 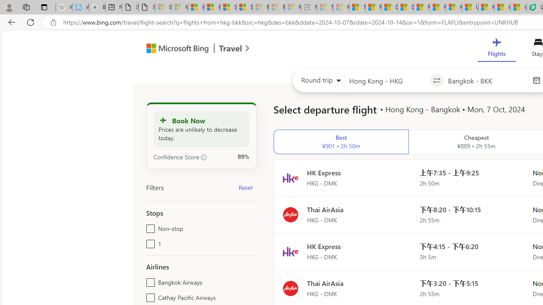 What do you see at coordinates (149, 227) in the screenshot?
I see `'Non-stop'` at bounding box center [149, 227].